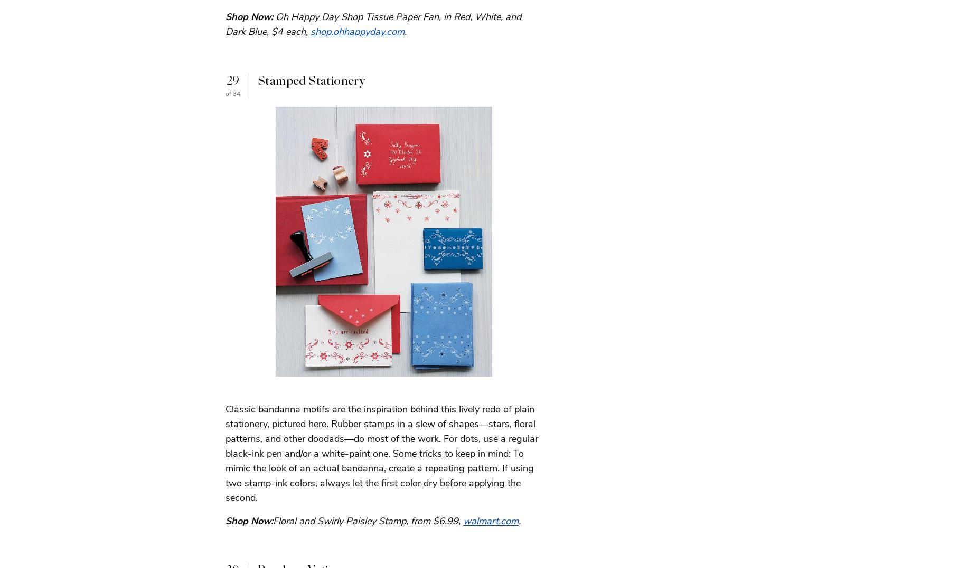 The height and width of the screenshot is (568, 977). What do you see at coordinates (232, 92) in the screenshot?
I see `'of 34'` at bounding box center [232, 92].